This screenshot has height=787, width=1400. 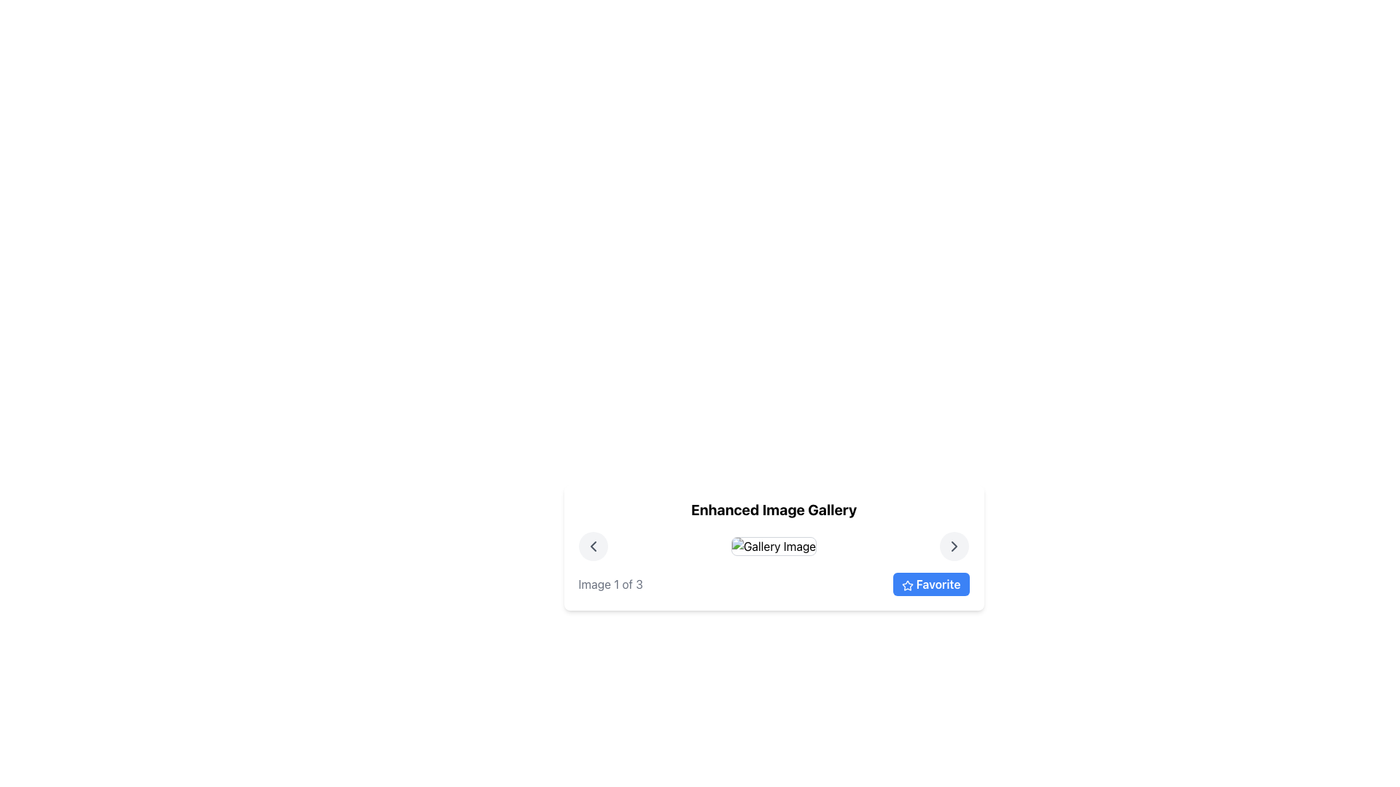 I want to click on the right-facing arrow SVG icon within the circular light gray button located at the right edge of the control bar, so click(x=954, y=546).